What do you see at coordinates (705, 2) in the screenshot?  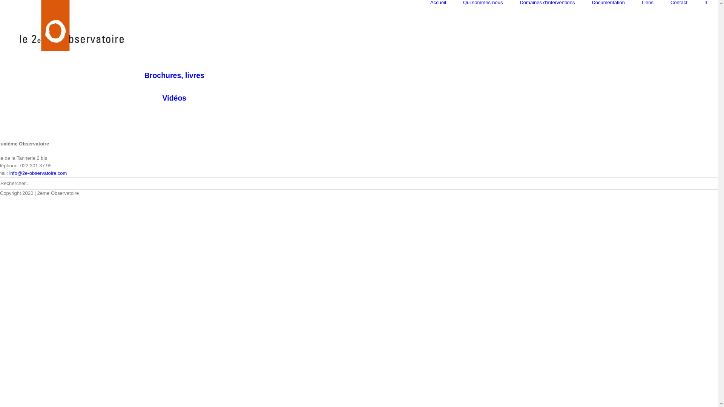 I see `'Recherche'` at bounding box center [705, 2].